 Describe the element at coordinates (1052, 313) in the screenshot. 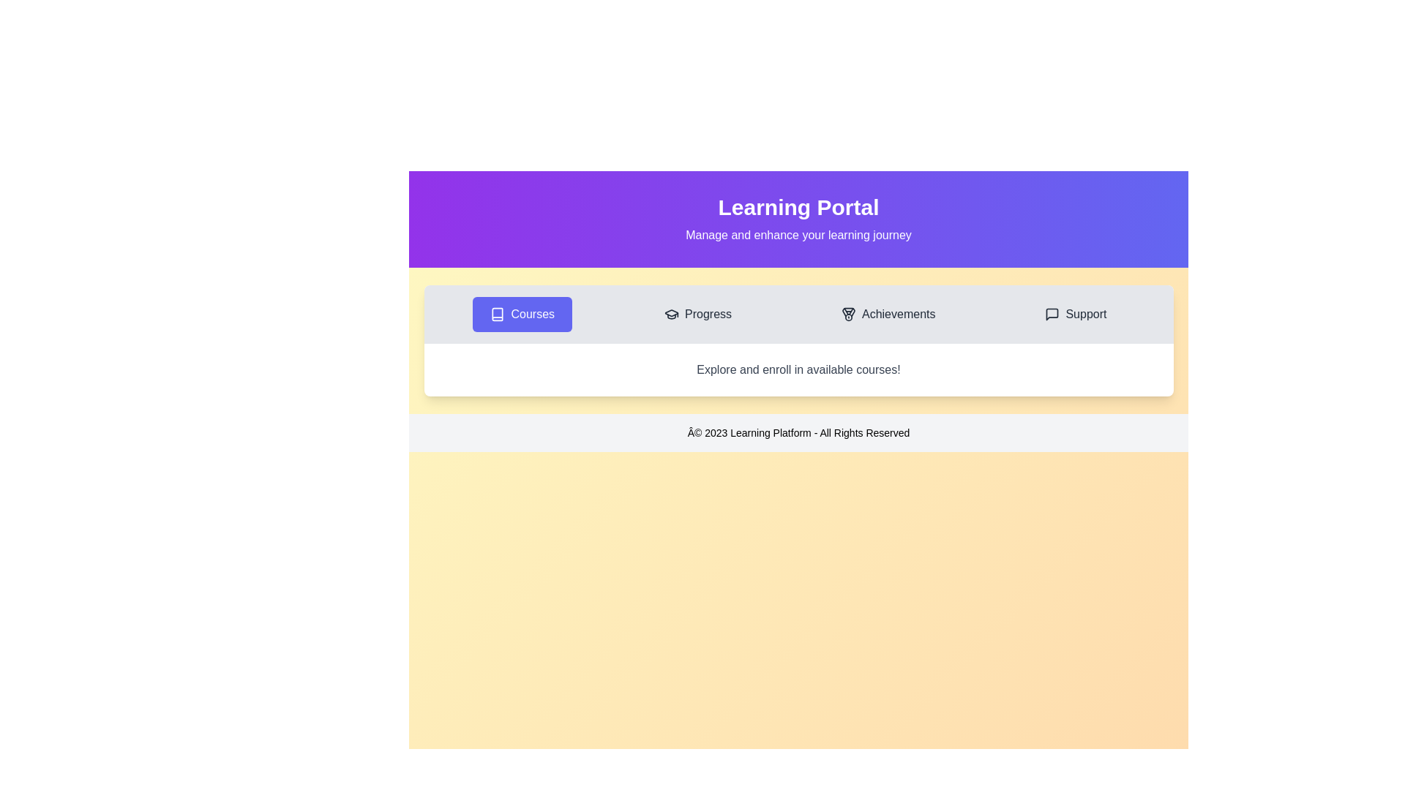

I see `the messaging or support chat icon, which is the last icon in the row adjacent to the 'Support' text` at that location.